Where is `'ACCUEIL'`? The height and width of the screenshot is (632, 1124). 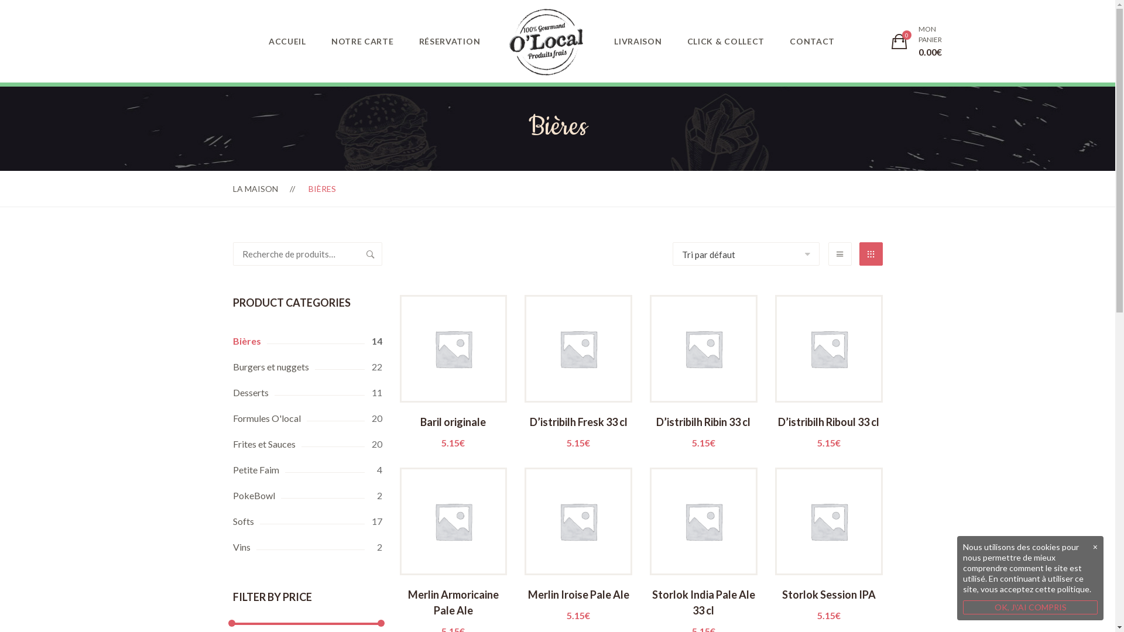 'ACCUEIL' is located at coordinates (287, 40).